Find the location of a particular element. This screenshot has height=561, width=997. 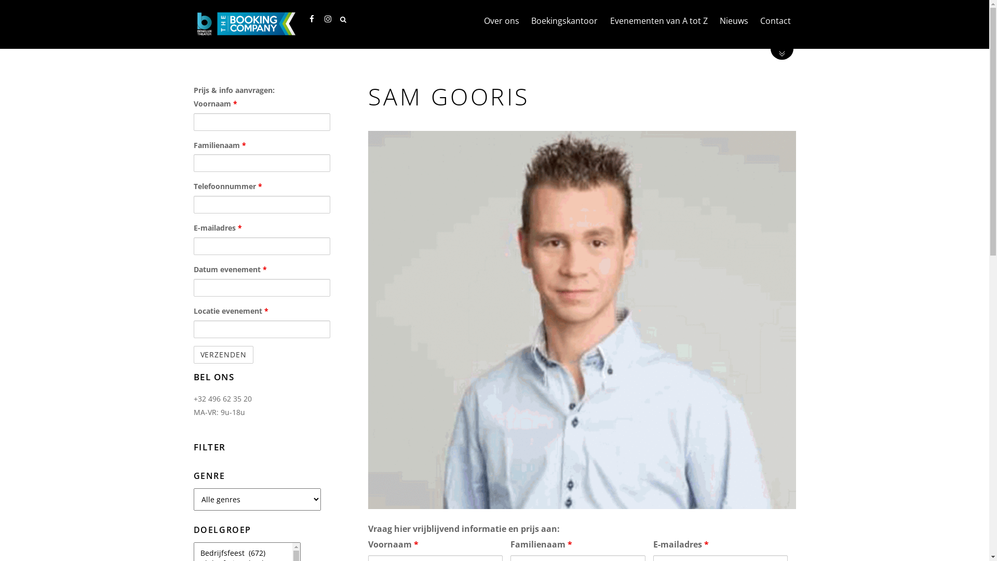

'Nieuws' is located at coordinates (714, 21).